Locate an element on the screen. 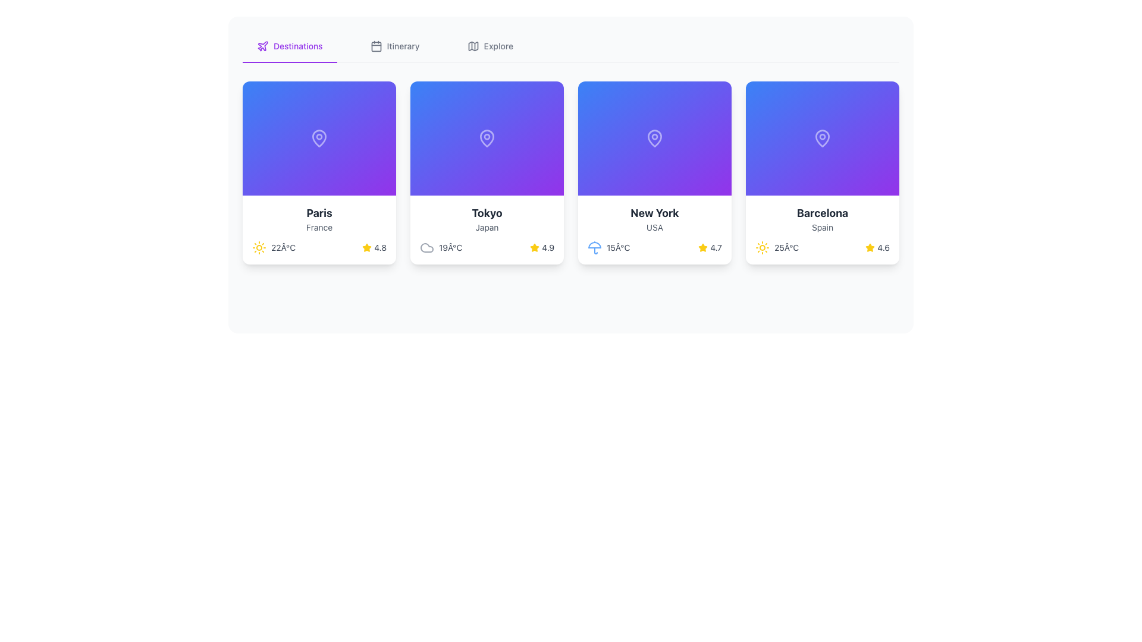 This screenshot has width=1142, height=642. temperature information displayed in the text label associated with the weather summary for Tokyo, Japan, located in the second card from the left is located at coordinates (440, 247).